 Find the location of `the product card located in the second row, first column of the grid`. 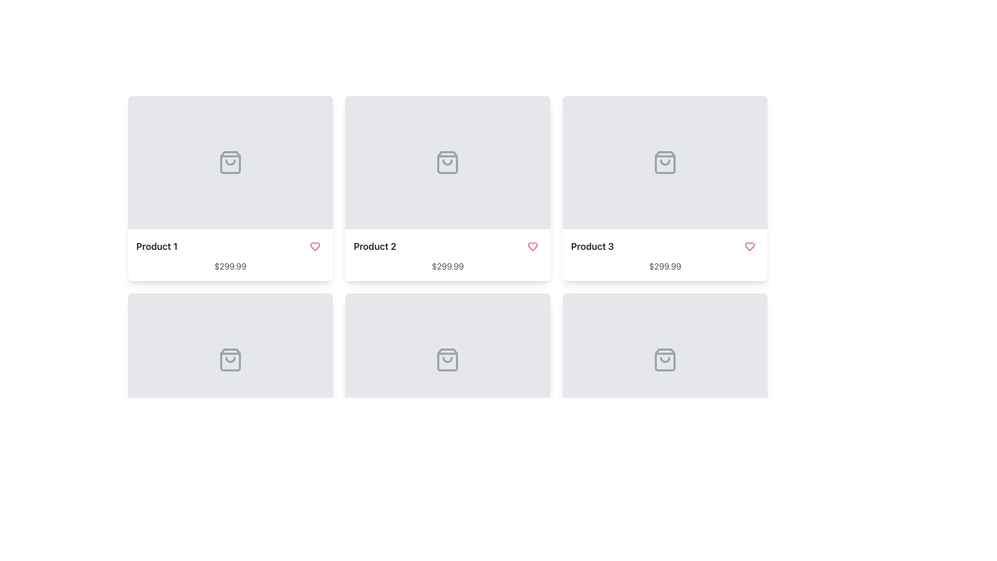

the product card located in the second row, first column of the grid is located at coordinates (230, 386).